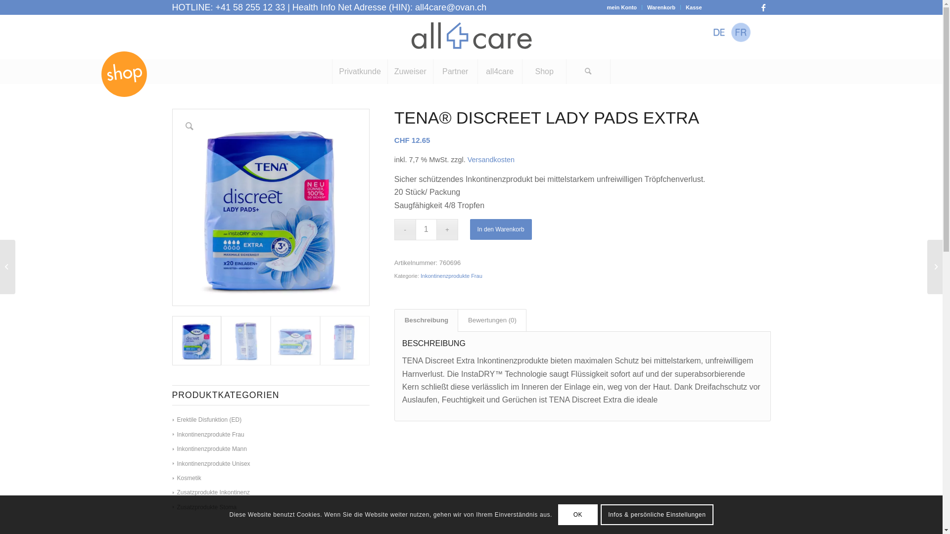 This screenshot has height=534, width=950. I want to click on 'Erektile Disfunktion (ED)', so click(206, 419).